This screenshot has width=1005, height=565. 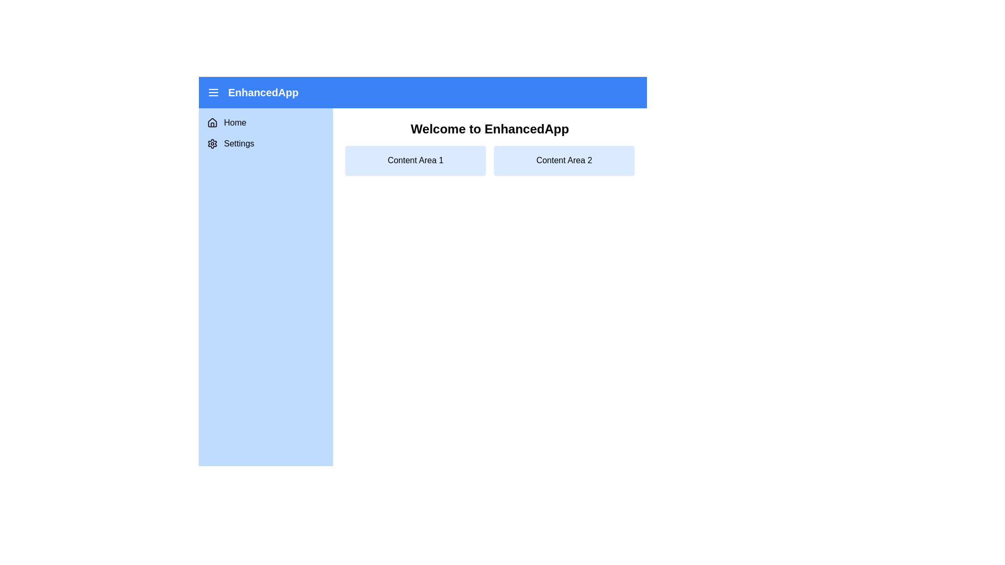 I want to click on the static text element 'EnhancedApp' which is styled with a bold white font on a blue background, located on the left side of the header bar adjacent to a hamburger menu icon, so click(x=253, y=92).